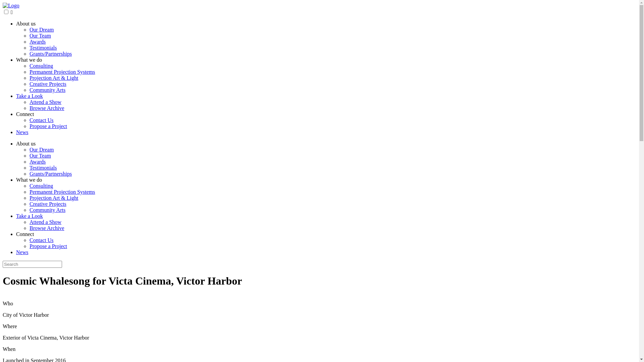 Image resolution: width=644 pixels, height=362 pixels. I want to click on 'What we do', so click(29, 179).